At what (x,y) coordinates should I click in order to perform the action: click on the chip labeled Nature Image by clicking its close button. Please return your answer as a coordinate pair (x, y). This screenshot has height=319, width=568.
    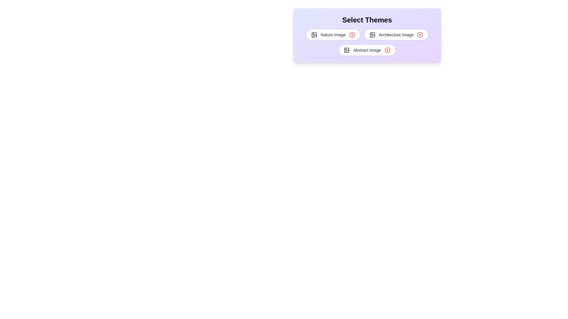
    Looking at the image, I should click on (352, 35).